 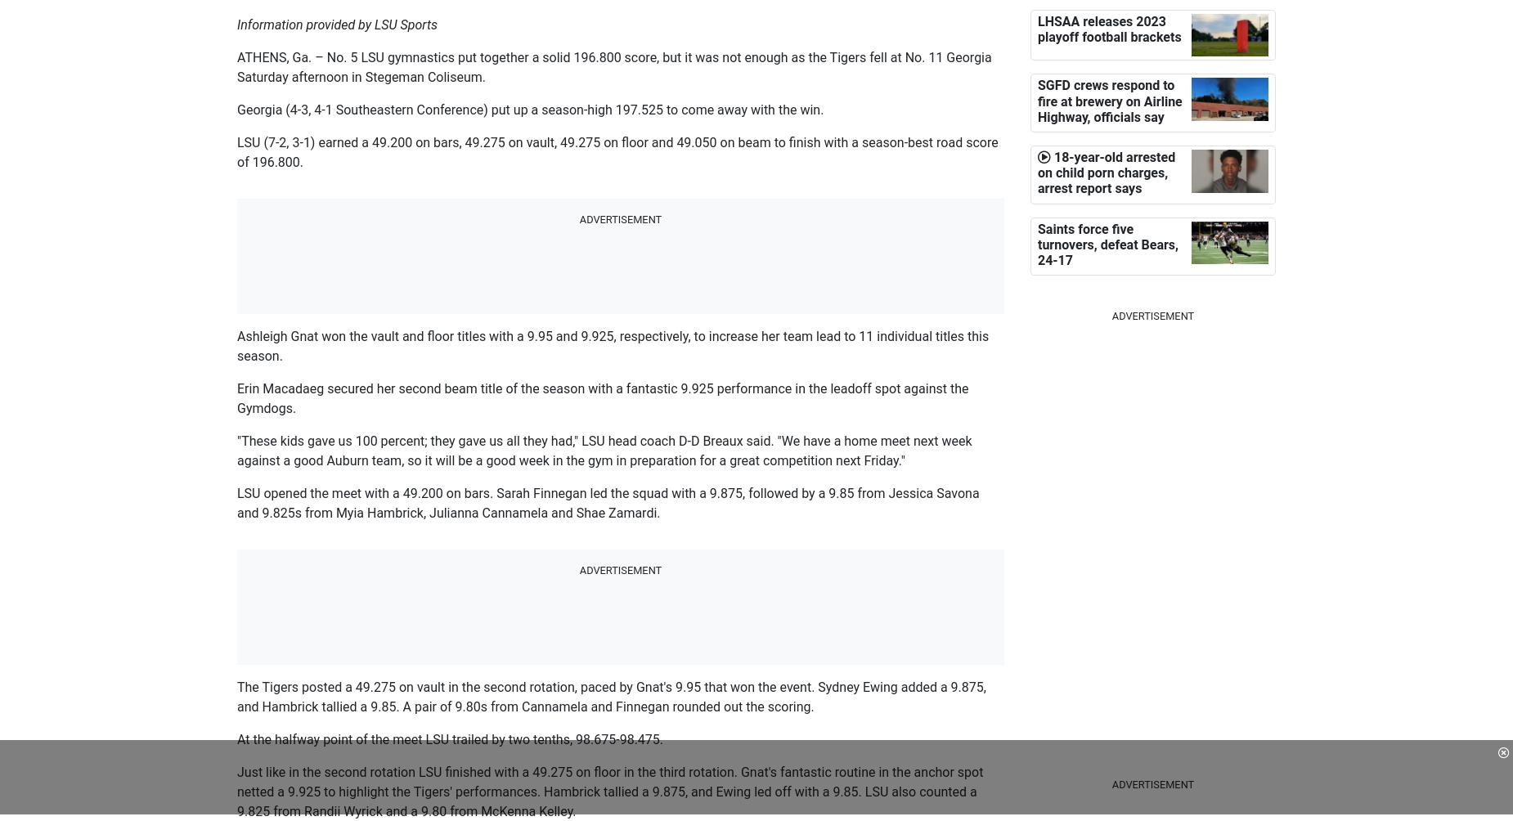 What do you see at coordinates (603, 397) in the screenshot?
I see `'Erin Macadaeg secured her second beam title of the season with a fantastic 9.925 performance in the leadoff spot against the Gymdogs.'` at bounding box center [603, 397].